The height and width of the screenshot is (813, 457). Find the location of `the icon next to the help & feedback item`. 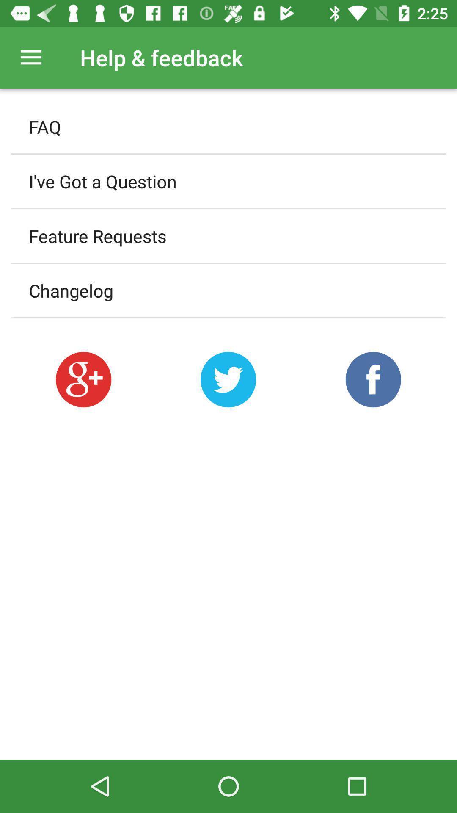

the icon next to the help & feedback item is located at coordinates (30, 57).